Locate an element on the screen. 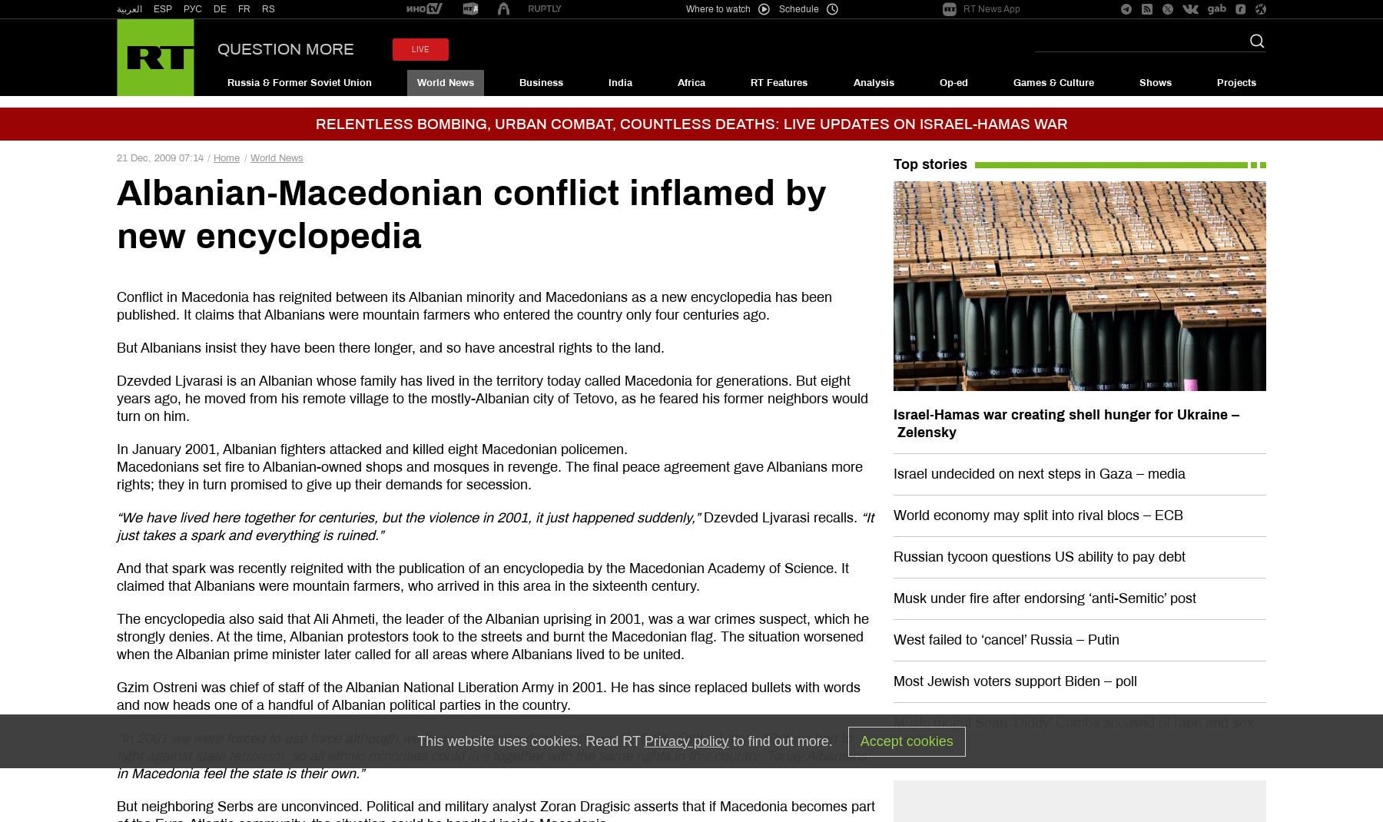  'Conflict in Macedonia has reignited between its Albanian minority and Macedonians as a new encyclopedia has been published. It claims that Albanians were mountain farmers who entered the country only four centuries ago.' is located at coordinates (474, 305).